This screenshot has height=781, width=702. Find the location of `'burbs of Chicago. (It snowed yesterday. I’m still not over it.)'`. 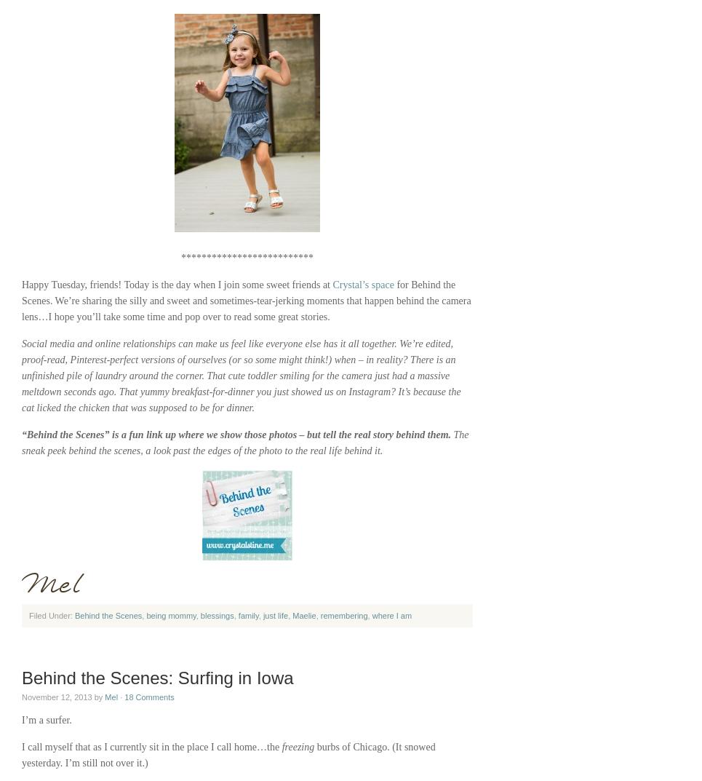

'burbs of Chicago. (It snowed yesterday. I’m still not over it.)' is located at coordinates (228, 755).